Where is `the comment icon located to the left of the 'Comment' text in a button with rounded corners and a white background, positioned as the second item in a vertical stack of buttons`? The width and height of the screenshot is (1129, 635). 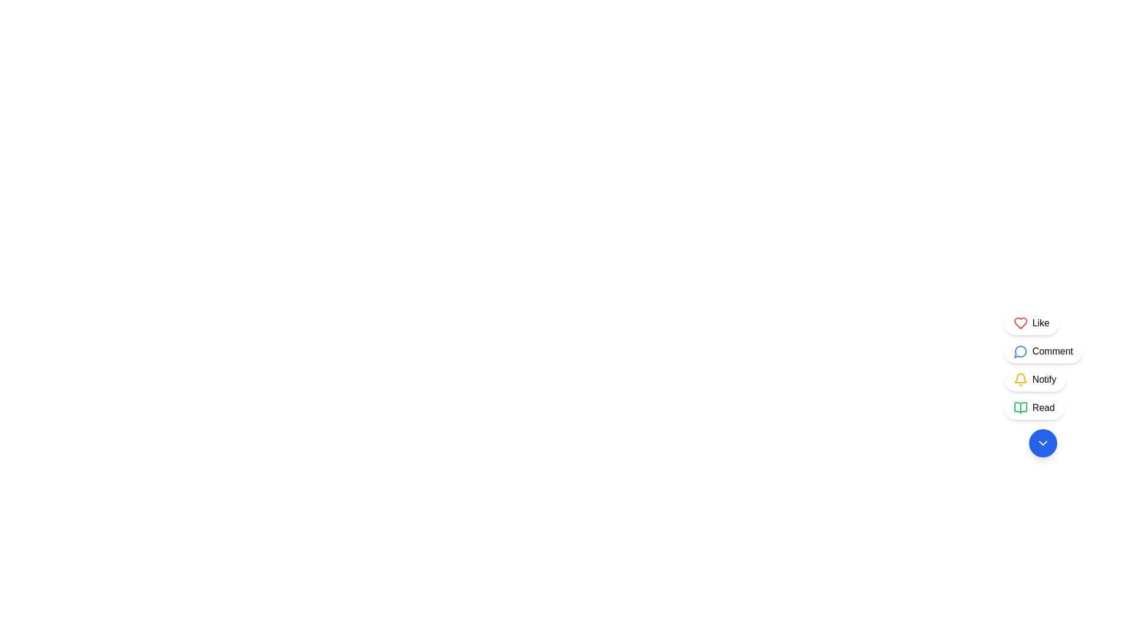 the comment icon located to the left of the 'Comment' text in a button with rounded corners and a white background, positioned as the second item in a vertical stack of buttons is located at coordinates (1020, 350).